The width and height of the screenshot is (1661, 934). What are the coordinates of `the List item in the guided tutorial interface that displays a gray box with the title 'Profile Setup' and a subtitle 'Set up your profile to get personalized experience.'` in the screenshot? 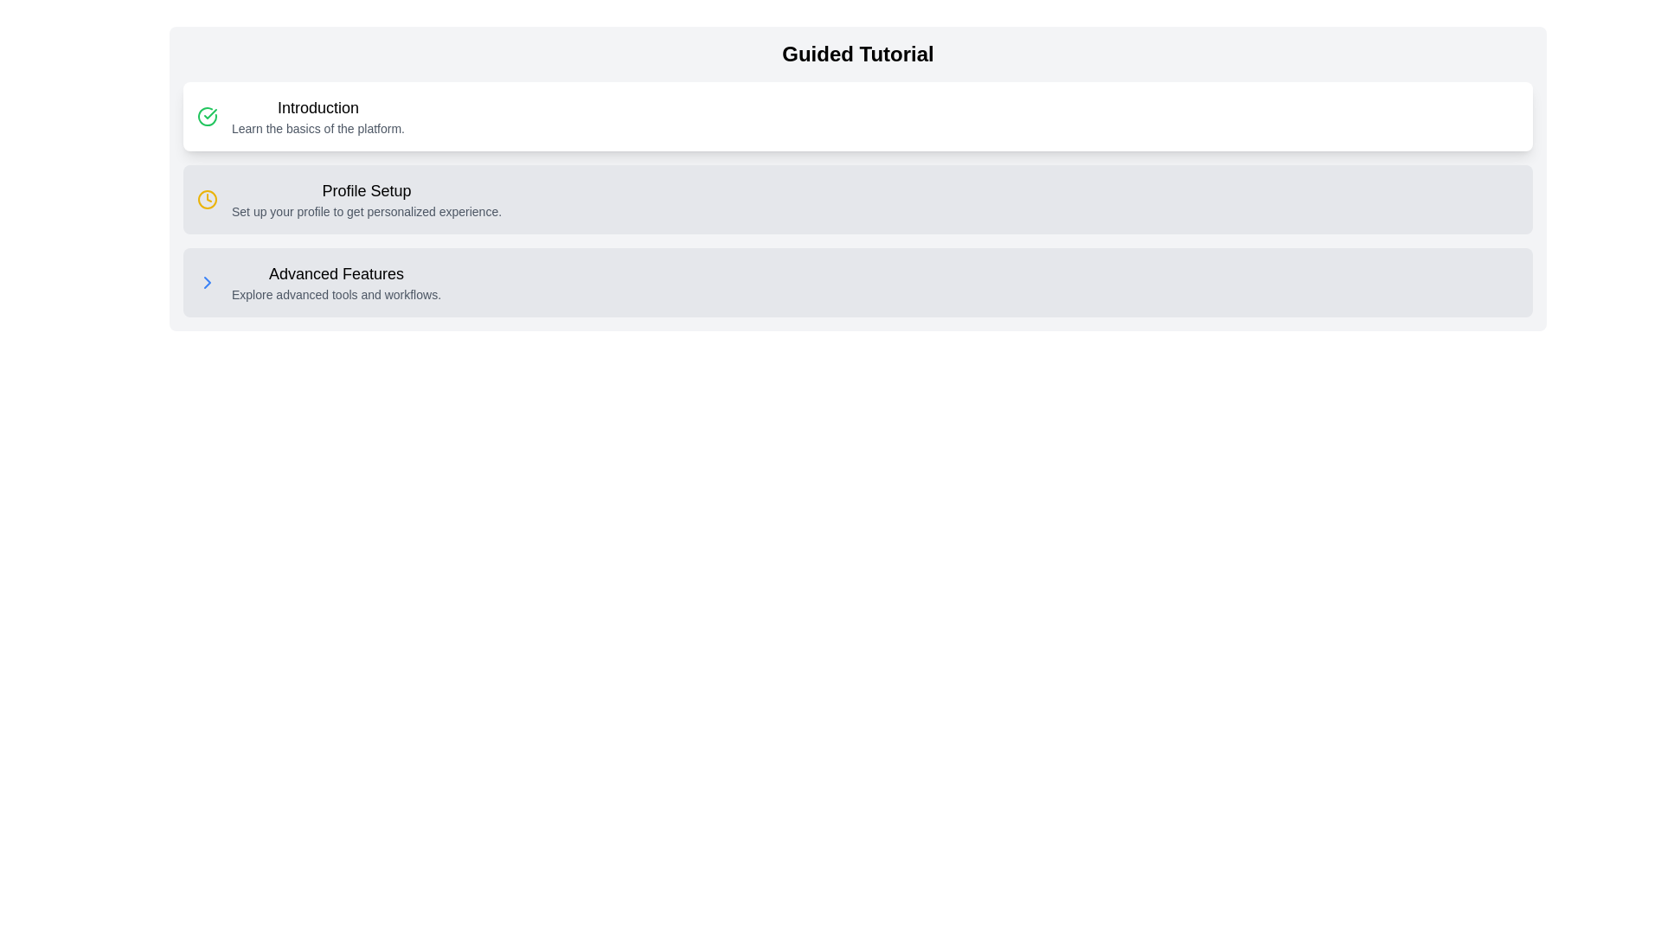 It's located at (858, 199).